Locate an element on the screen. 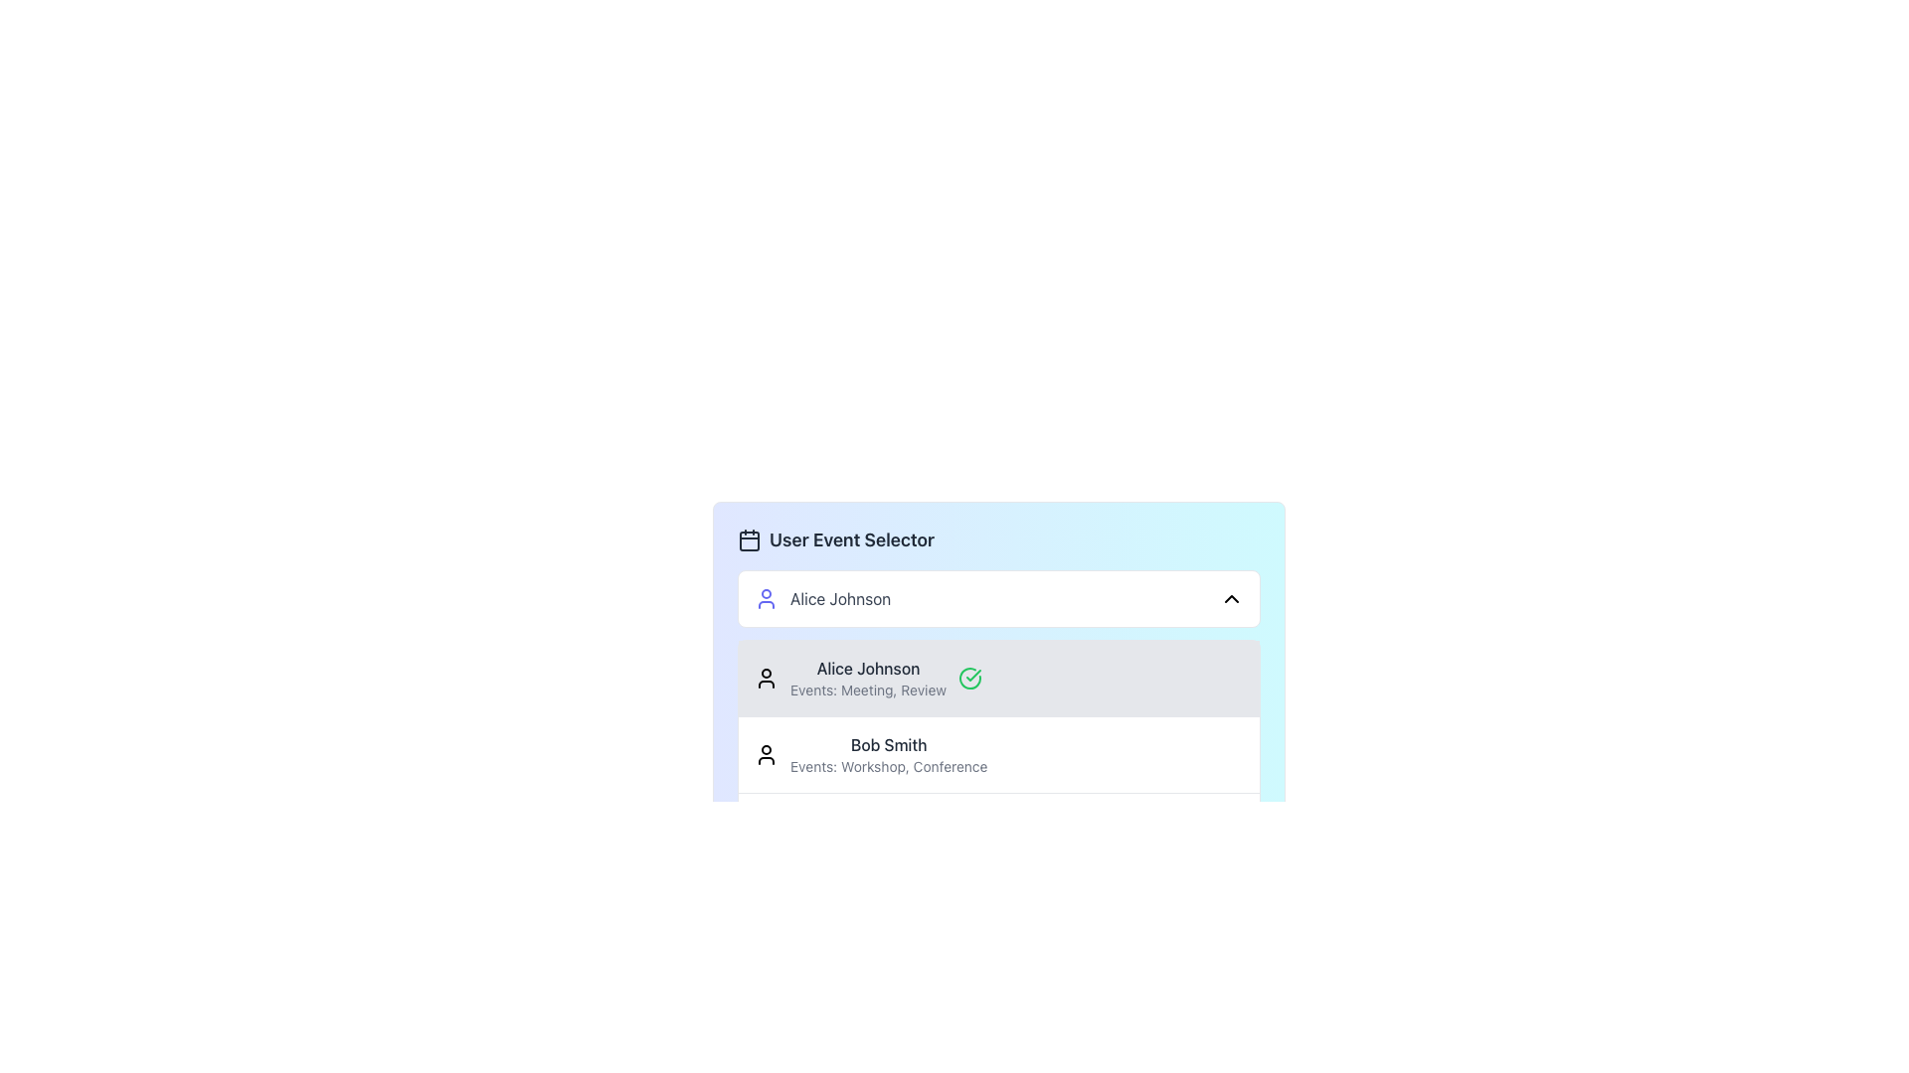 This screenshot has width=1909, height=1073. the user icon representing 'Bob Smith' in the user selection list, which is positioned to the far left of the section containing user details is located at coordinates (766, 754).